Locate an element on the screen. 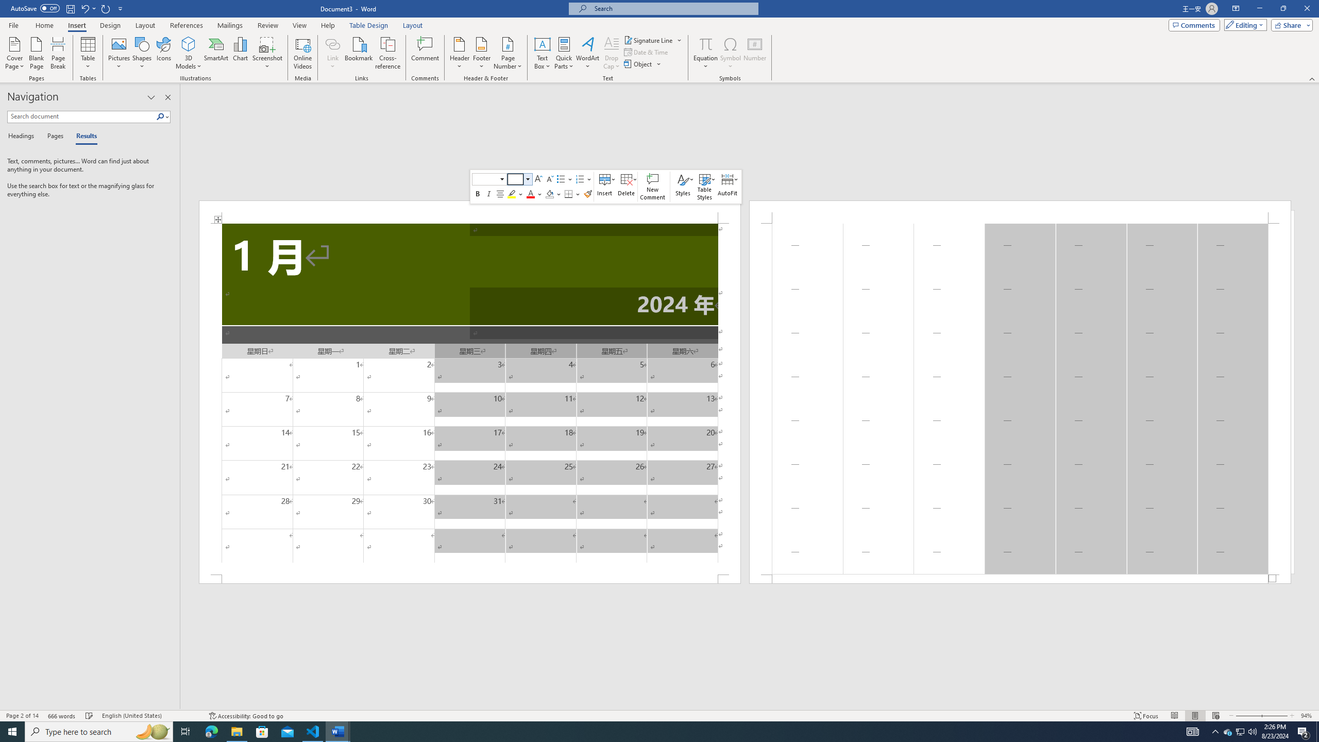 The width and height of the screenshot is (1319, 742). 'Font Color Red' is located at coordinates (531, 193).